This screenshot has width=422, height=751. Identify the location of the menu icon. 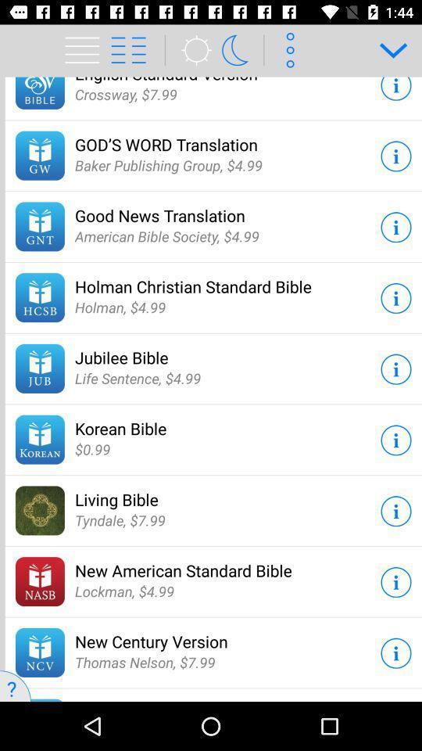
(136, 50).